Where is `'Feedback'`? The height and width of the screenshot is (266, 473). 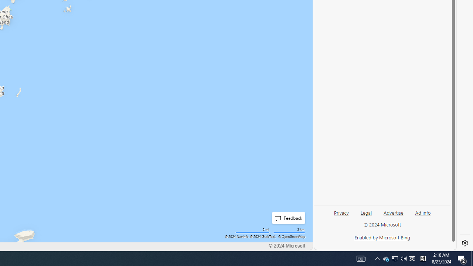 'Feedback' is located at coordinates (286, 218).